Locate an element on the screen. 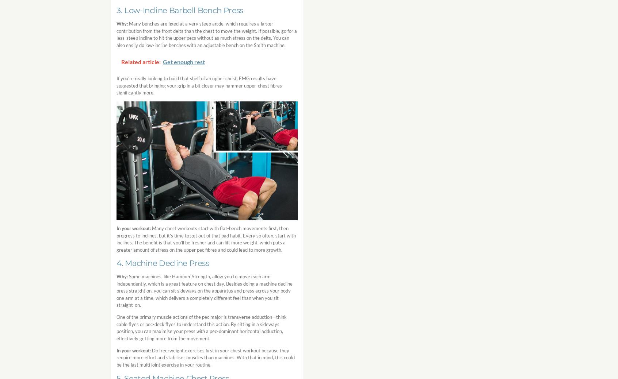 The height and width of the screenshot is (379, 618). 'Some machines, like Hammer Strength, allow you to move each arm independently, which is a great feature on chest day. Besides doing a machine decline press straight on, you can sit sideways on the apparatus and press across your body one arm at a time, which delivers a completely different feel than when you sit straight-on.' is located at coordinates (205, 290).